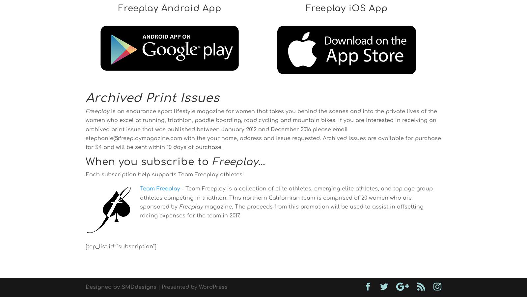  What do you see at coordinates (118, 8) in the screenshot?
I see `'Freeplay Android App'` at bounding box center [118, 8].